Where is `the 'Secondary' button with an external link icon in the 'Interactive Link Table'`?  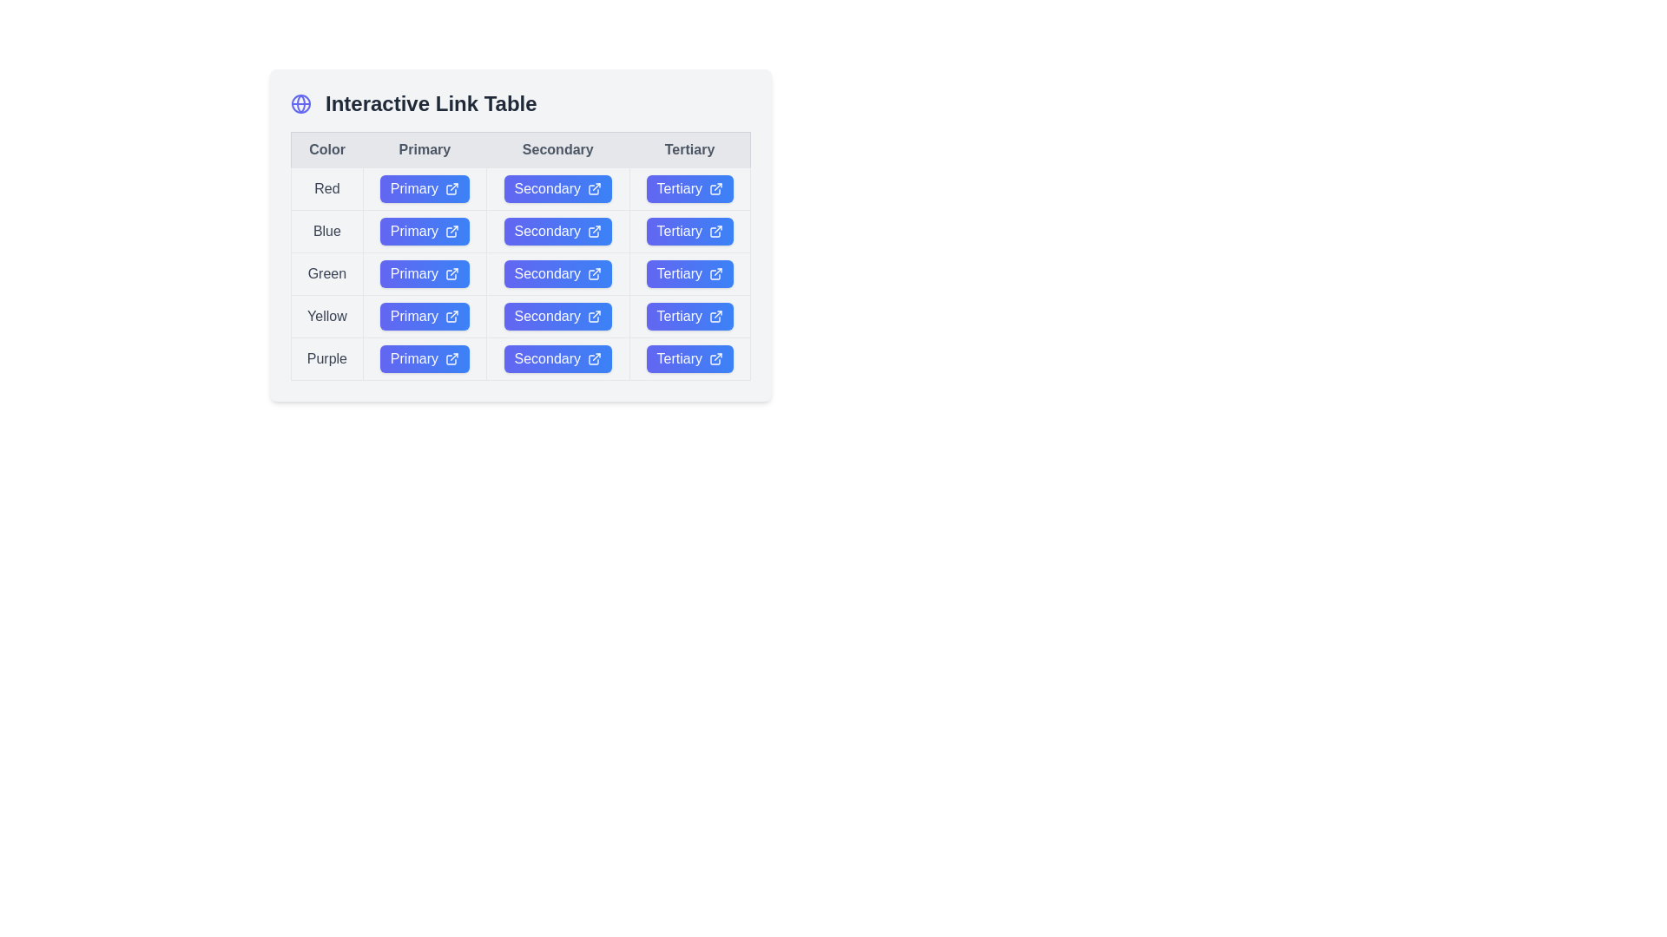 the 'Secondary' button with an external link icon in the 'Interactive Link Table' is located at coordinates (557, 230).